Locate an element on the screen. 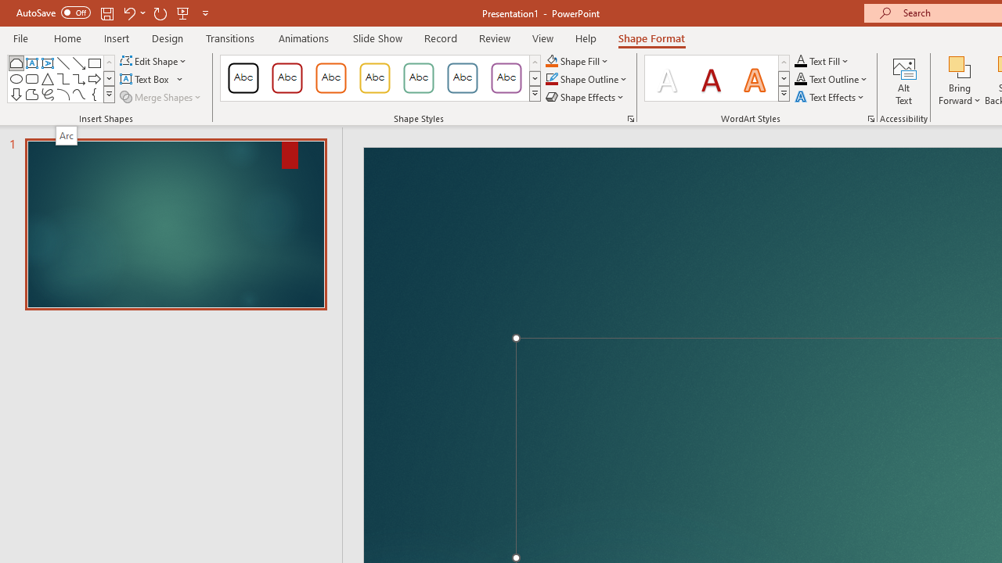  'Format Text Effects...' is located at coordinates (870, 117).